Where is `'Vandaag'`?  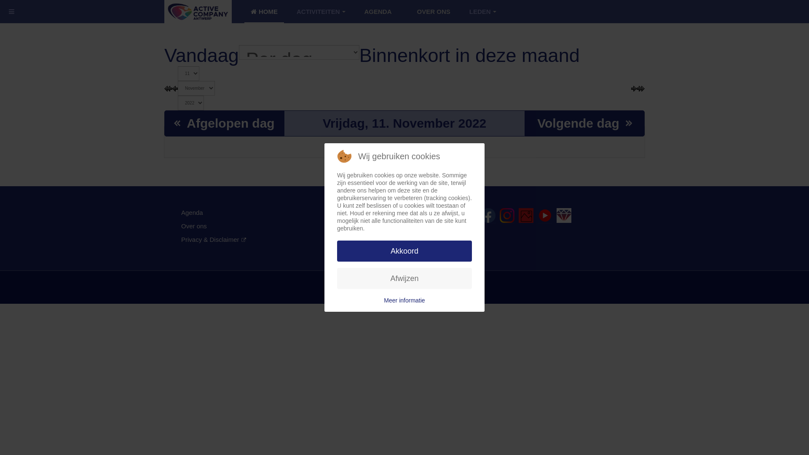
'Vandaag' is located at coordinates (164, 55).